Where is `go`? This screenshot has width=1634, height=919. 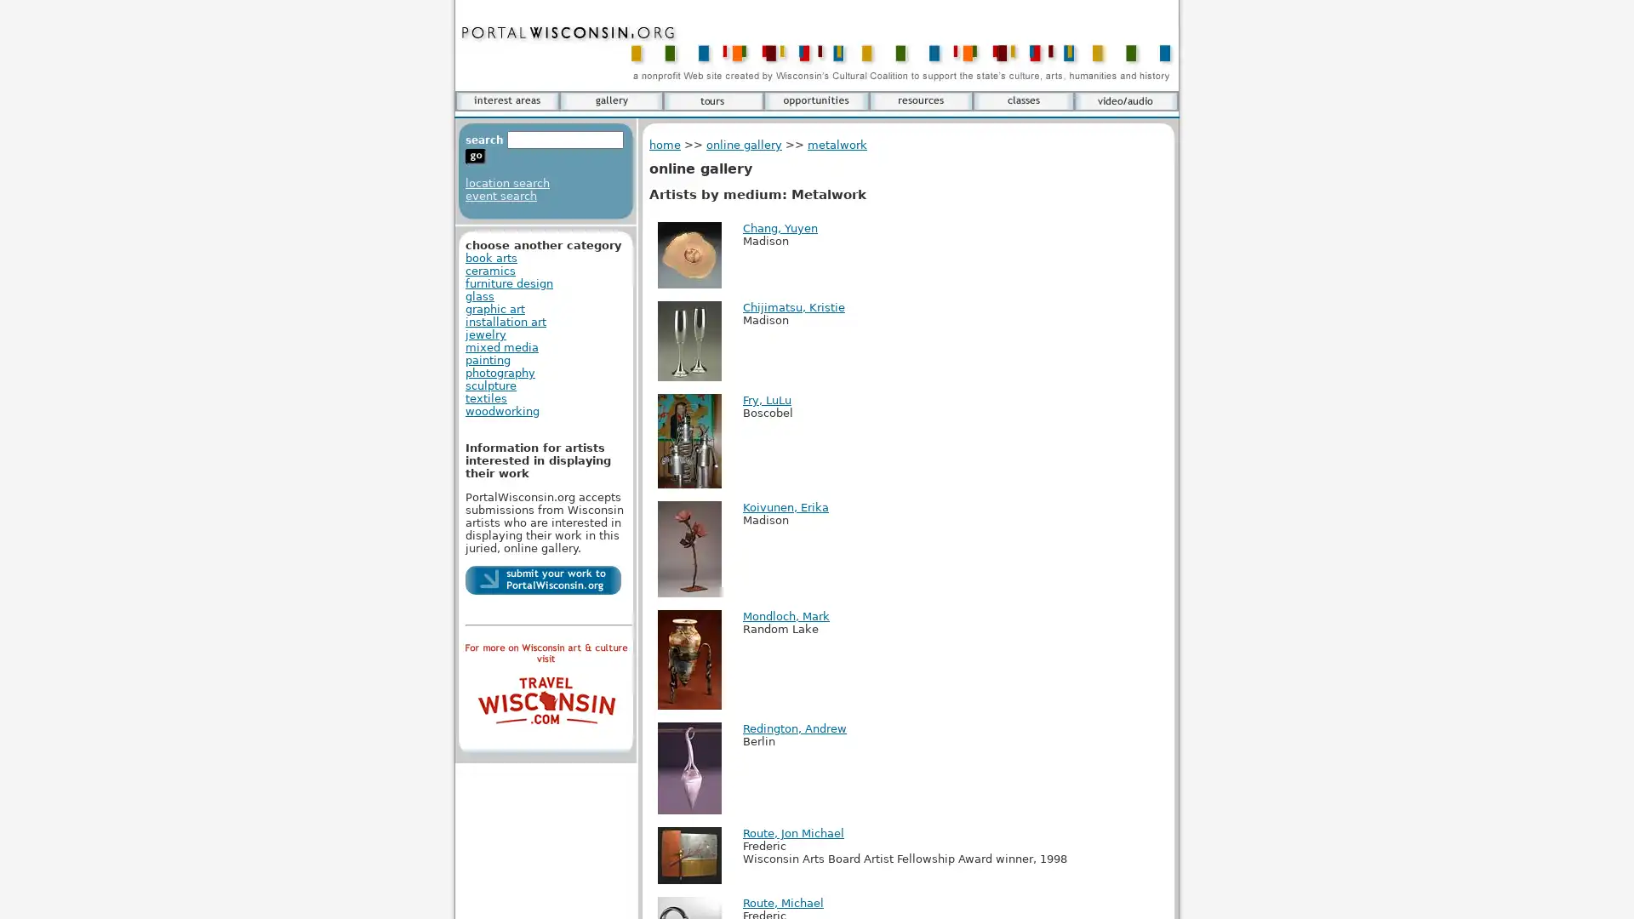 go is located at coordinates (475, 157).